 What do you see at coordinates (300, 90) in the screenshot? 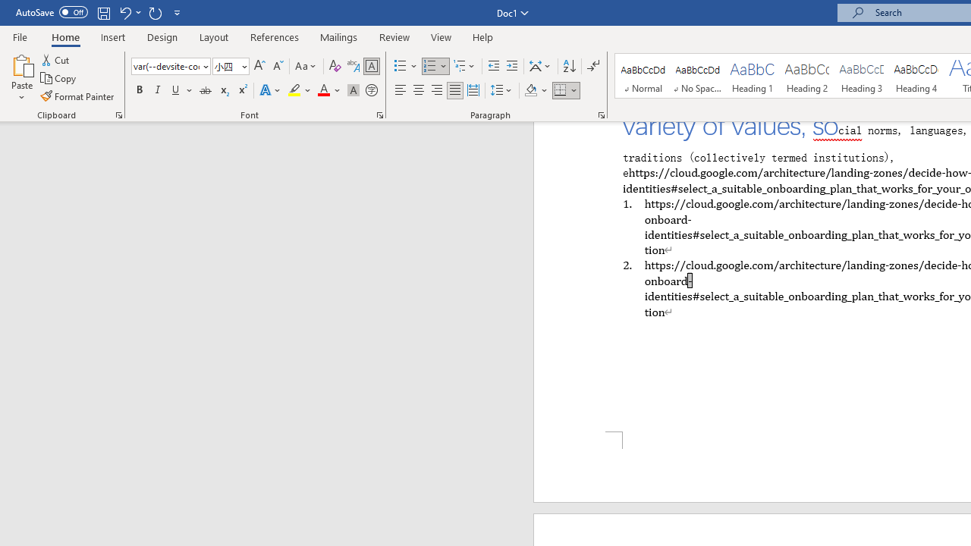
I see `'Text Highlight Color'` at bounding box center [300, 90].